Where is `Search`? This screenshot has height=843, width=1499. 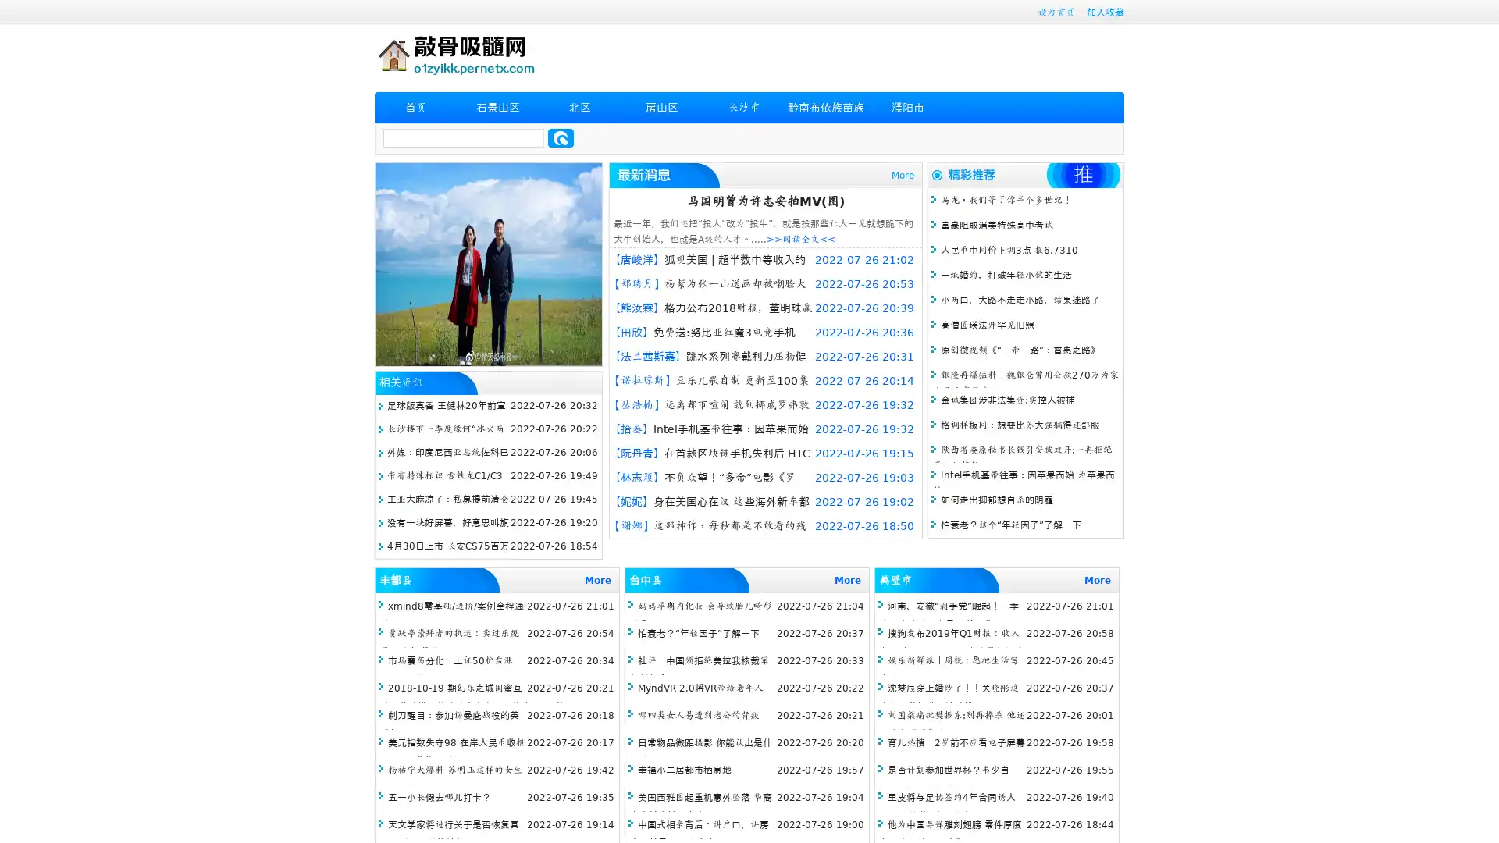
Search is located at coordinates (561, 137).